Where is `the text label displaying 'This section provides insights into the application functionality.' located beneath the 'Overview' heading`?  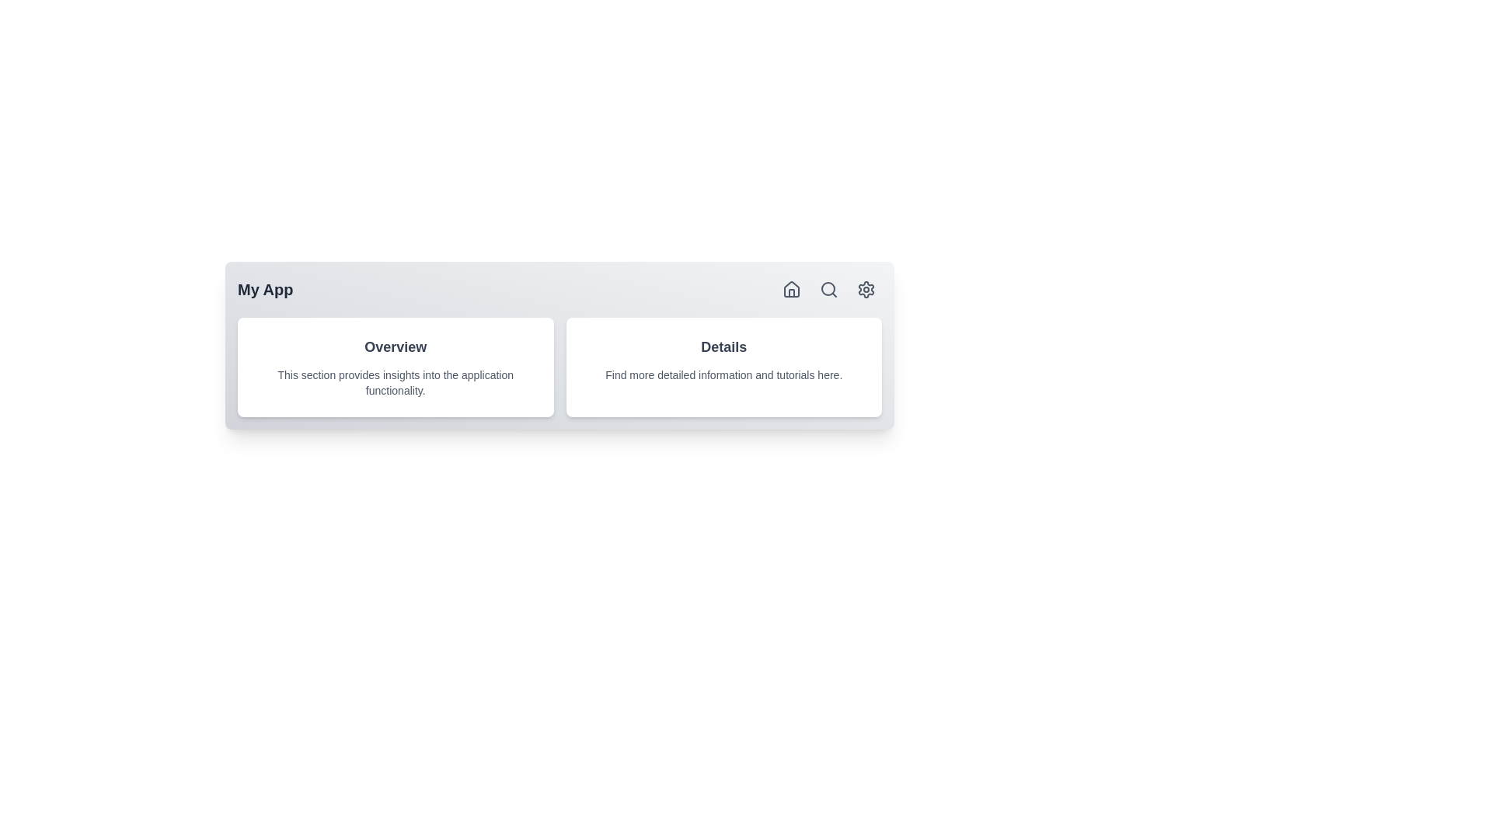 the text label displaying 'This section provides insights into the application functionality.' located beneath the 'Overview' heading is located at coordinates (396, 383).